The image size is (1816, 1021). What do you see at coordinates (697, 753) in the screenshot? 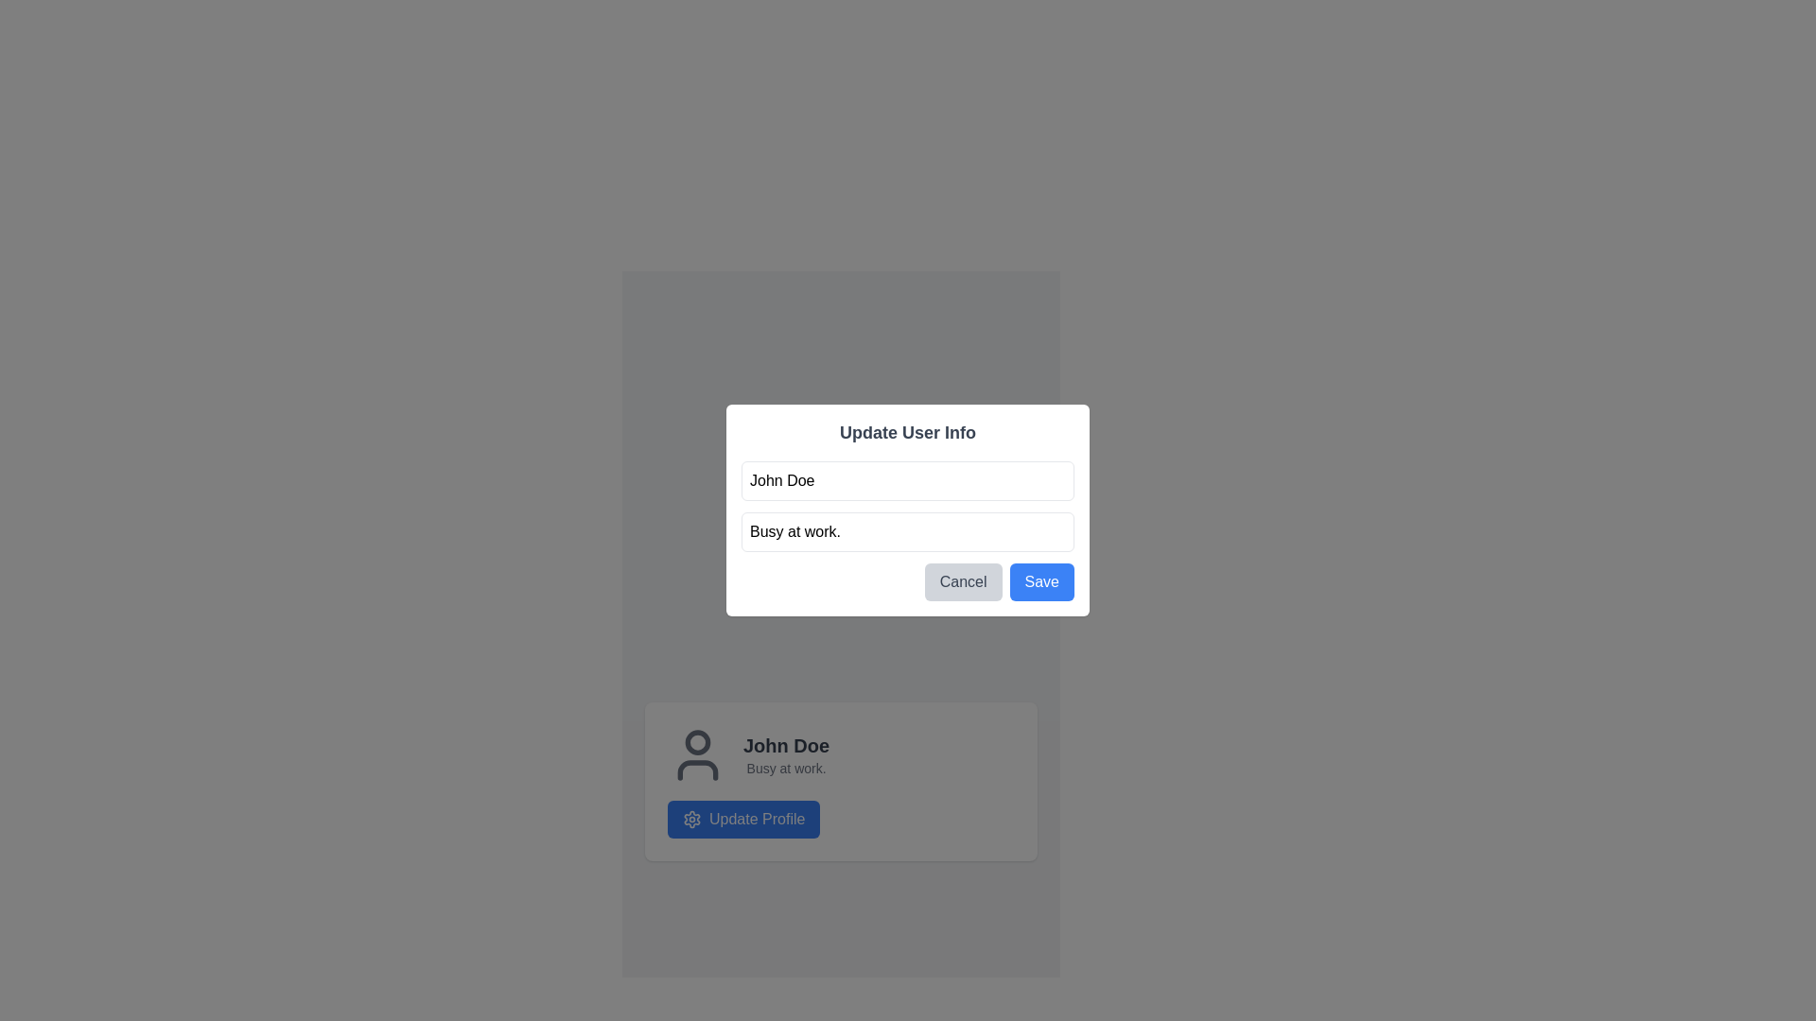
I see `the gray circular avatar icon resembling a stylized person figure located at the top left corner of the user information card layout, positioned left of the text 'John Doe'` at bounding box center [697, 753].